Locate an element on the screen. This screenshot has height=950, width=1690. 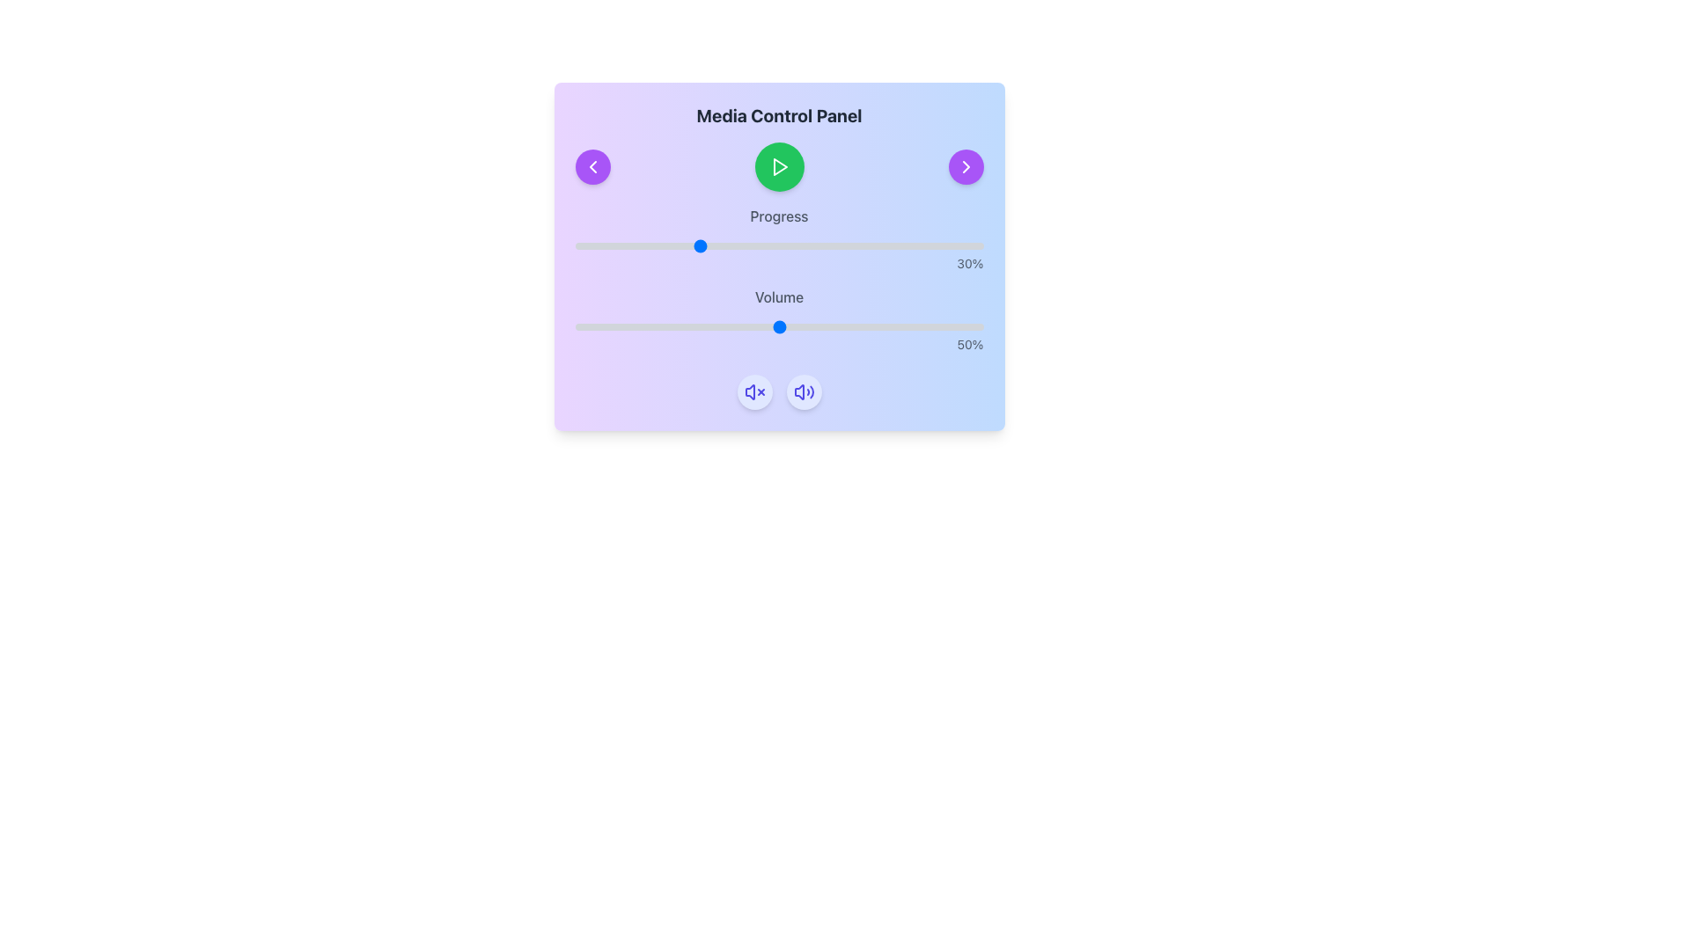
the circular button with a purple background and a white chevron icon pointing to the left is located at coordinates (592, 166).